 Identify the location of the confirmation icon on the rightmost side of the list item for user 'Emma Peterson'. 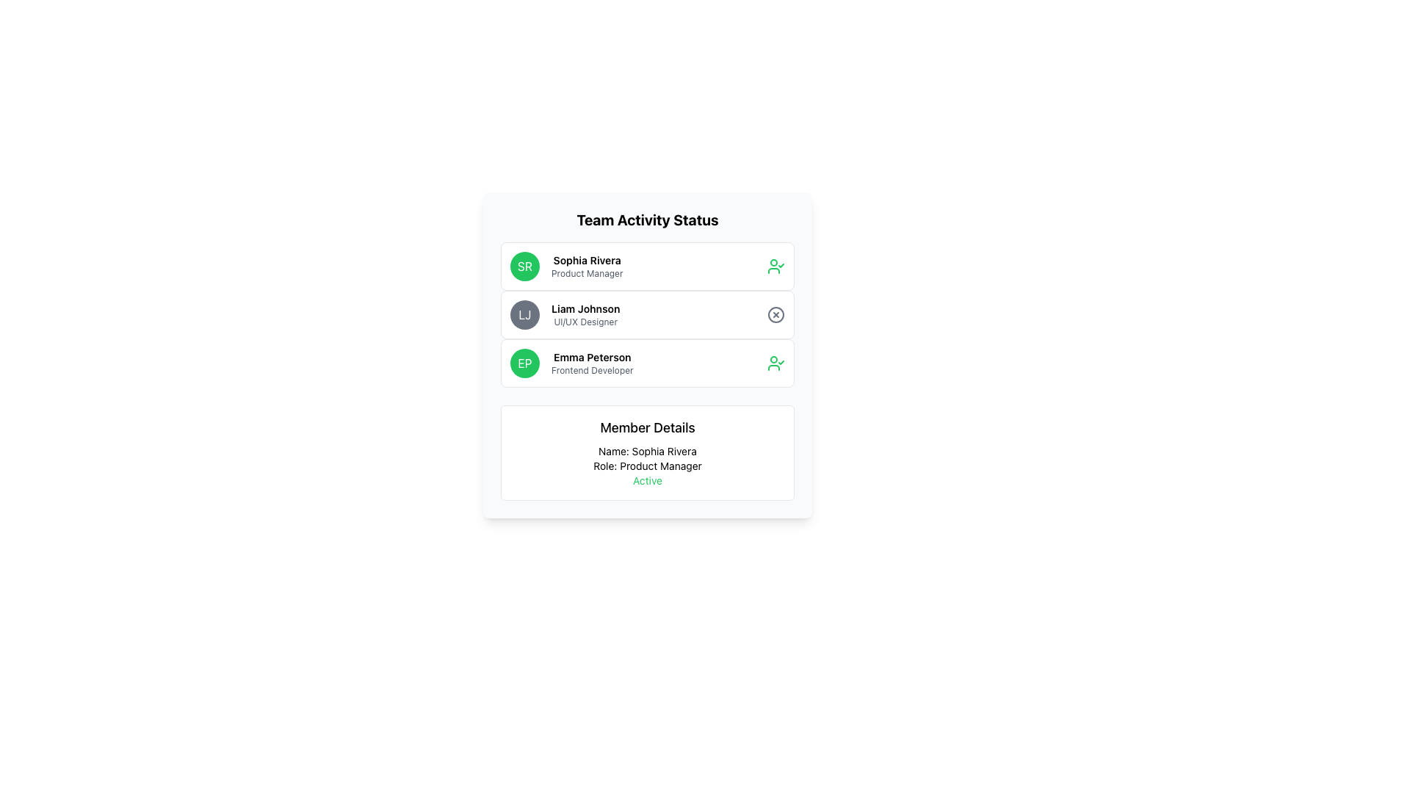
(775, 363).